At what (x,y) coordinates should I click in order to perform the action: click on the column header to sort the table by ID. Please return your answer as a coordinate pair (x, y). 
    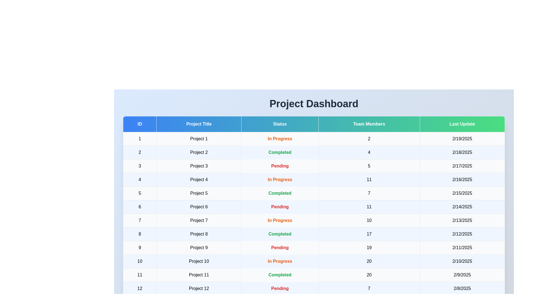
    Looking at the image, I should click on (140, 124).